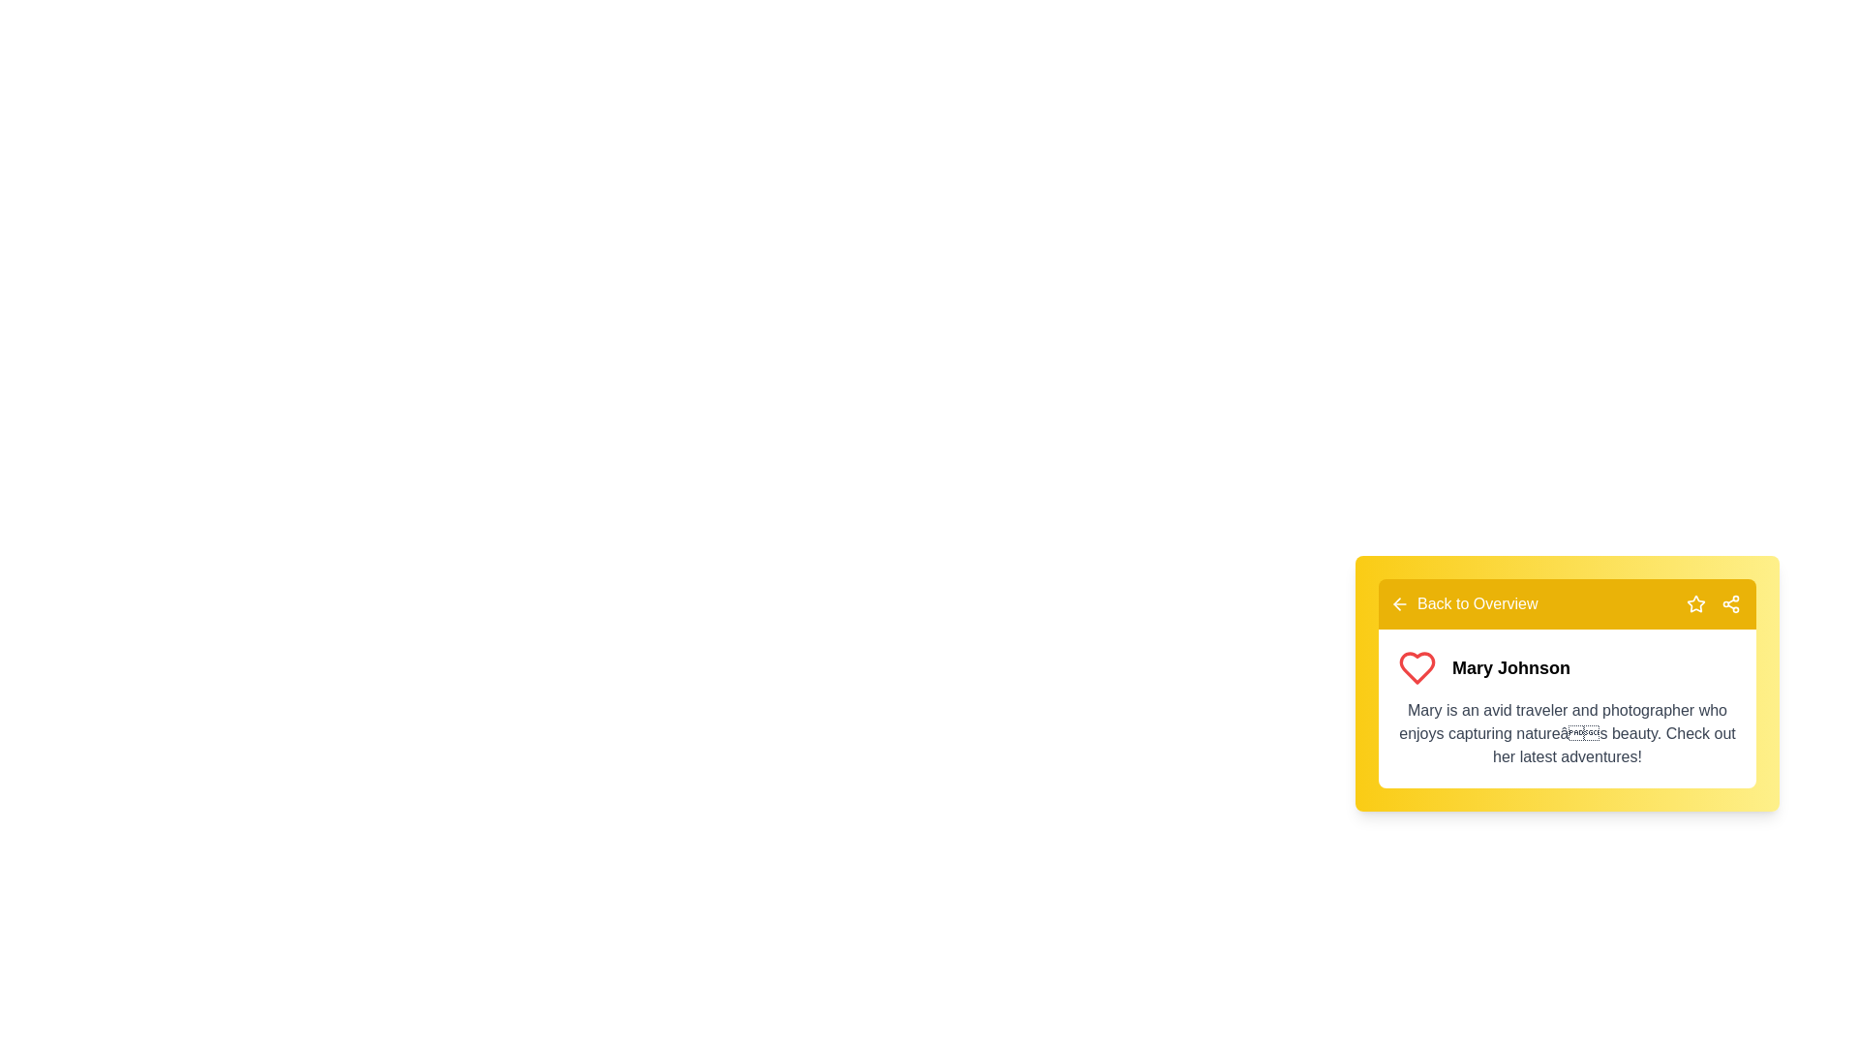 The image size is (1859, 1046). Describe the element at coordinates (1417, 667) in the screenshot. I see `the heart-shaped icon with a red stroke located at the top left corner of the user profile card, adjacent to the text 'Mary Johnson'` at that location.